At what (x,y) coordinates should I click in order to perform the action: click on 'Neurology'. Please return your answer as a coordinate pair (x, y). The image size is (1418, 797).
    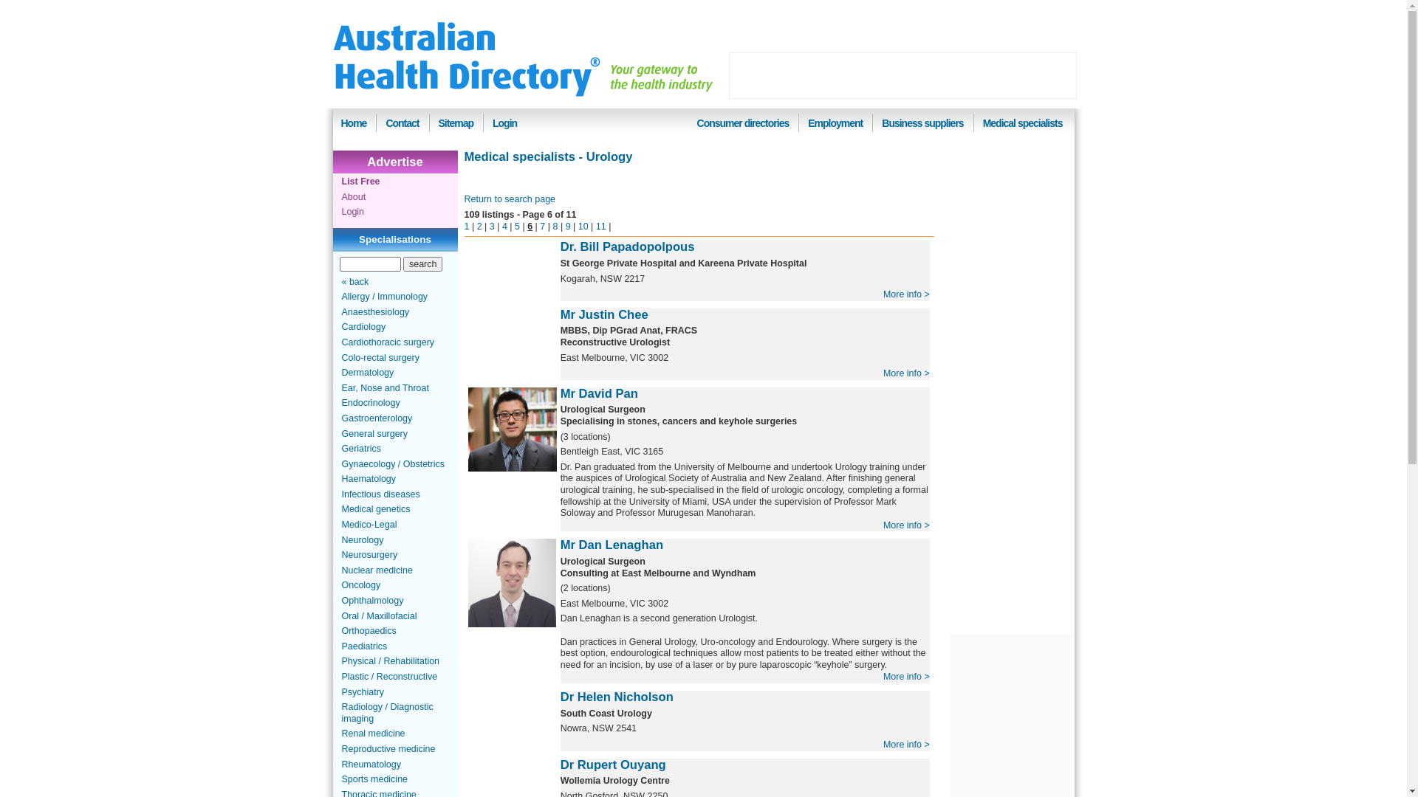
    Looking at the image, I should click on (362, 540).